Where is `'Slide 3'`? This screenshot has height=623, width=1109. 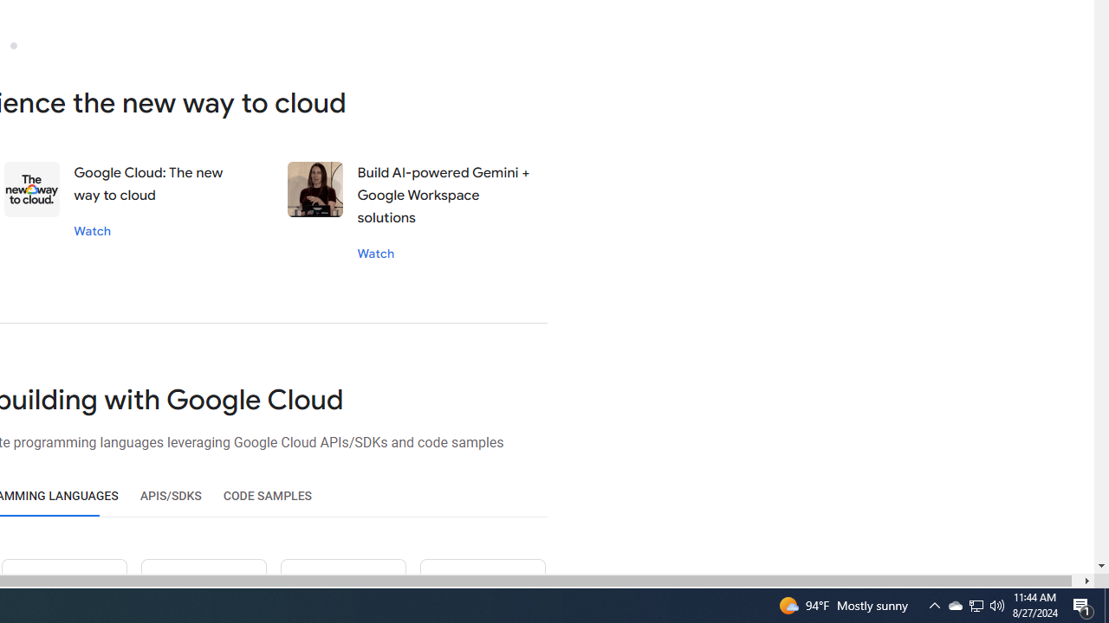 'Slide 3' is located at coordinates (13, 44).